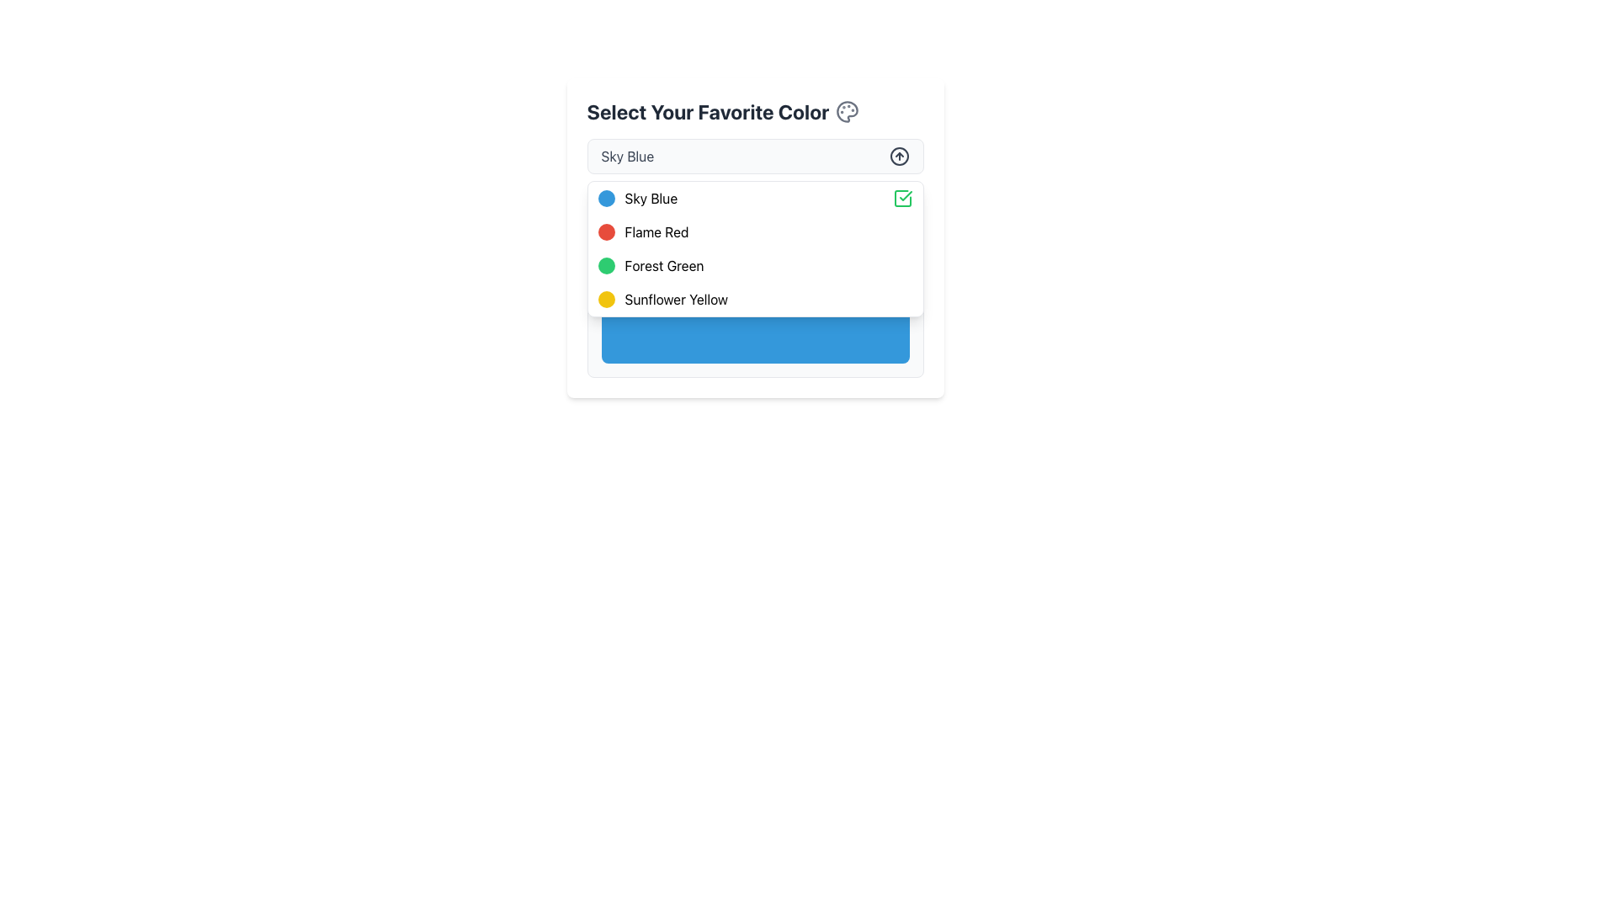 This screenshot has height=909, width=1616. Describe the element at coordinates (606, 298) in the screenshot. I see `the circular 'Sunflower Yellow' color indicator with a vivid yellow background, positioned to the left of the text 'Sunflower Yellow' in the color selection dropdown` at that location.